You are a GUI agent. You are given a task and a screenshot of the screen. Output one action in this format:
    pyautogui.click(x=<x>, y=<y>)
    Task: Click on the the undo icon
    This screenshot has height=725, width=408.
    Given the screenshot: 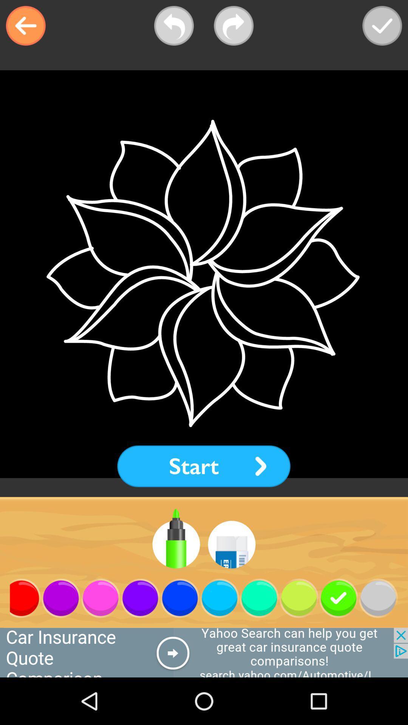 What is the action you would take?
    pyautogui.click(x=174, y=26)
    